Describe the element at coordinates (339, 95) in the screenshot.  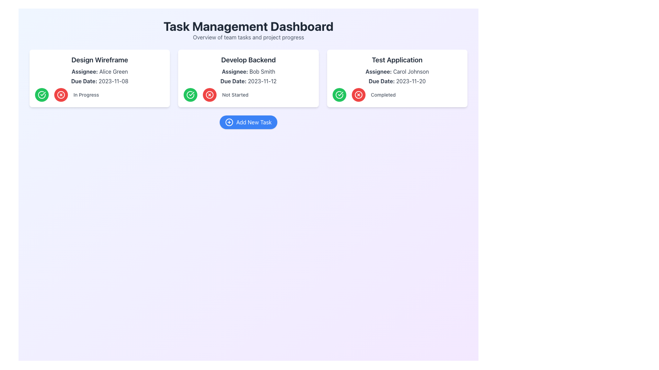
I see `the leftmost circular button in the 'Test Application' card's status section to mark the task as completed` at that location.